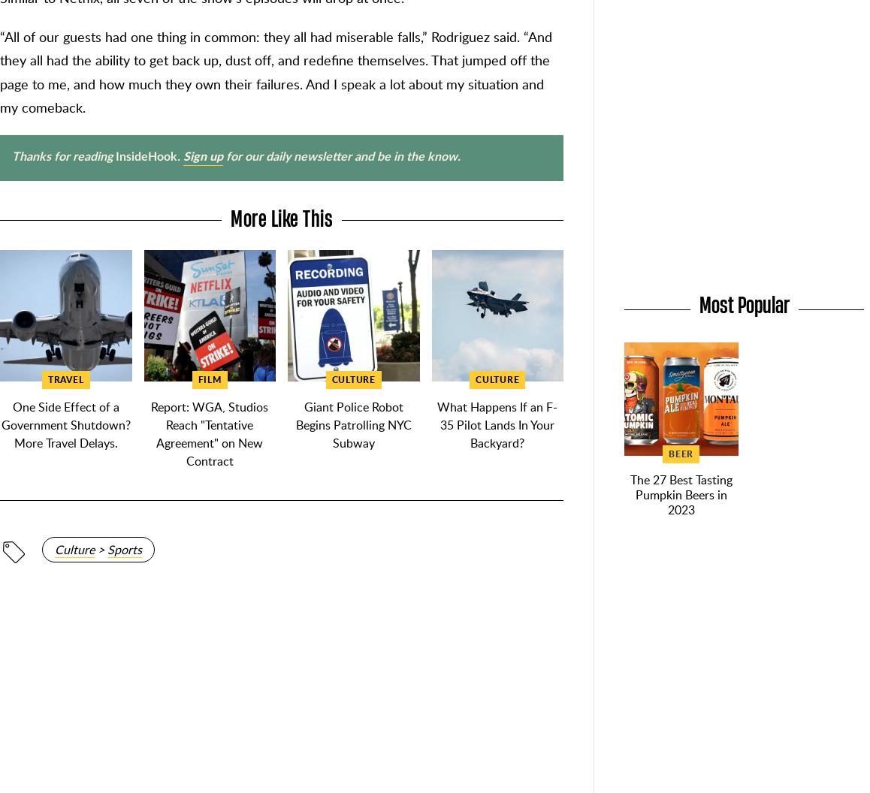 The height and width of the screenshot is (793, 870). Describe the element at coordinates (681, 453) in the screenshot. I see `'Beer'` at that location.